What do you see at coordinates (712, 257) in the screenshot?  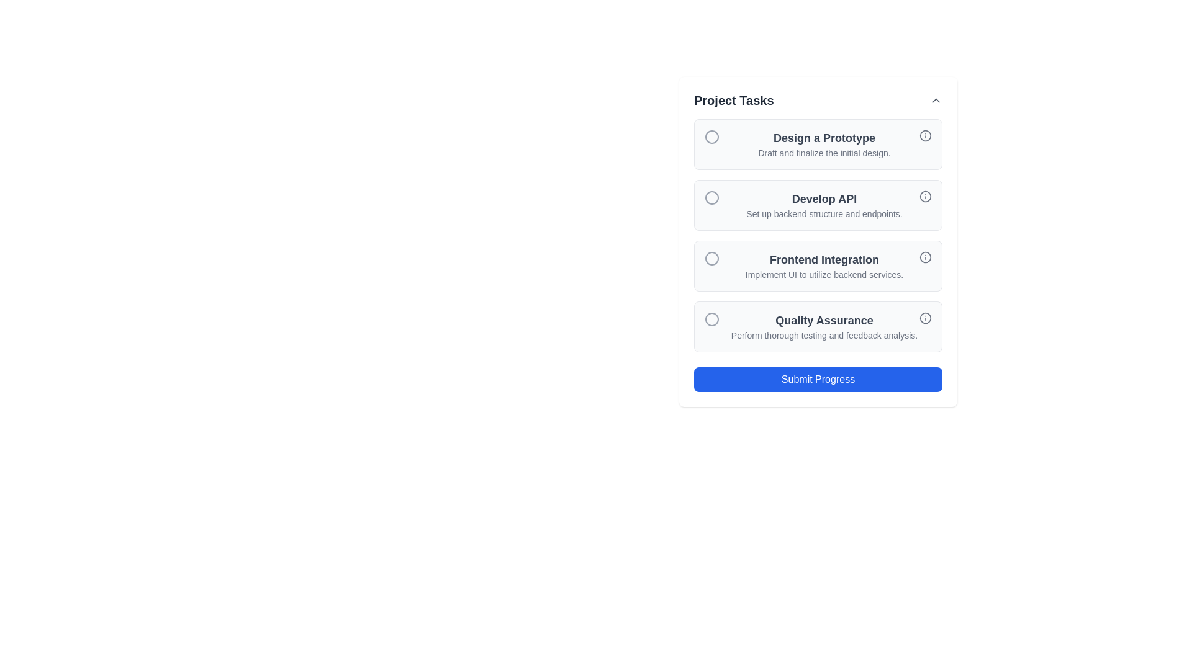 I see `the circular radio button` at bounding box center [712, 257].